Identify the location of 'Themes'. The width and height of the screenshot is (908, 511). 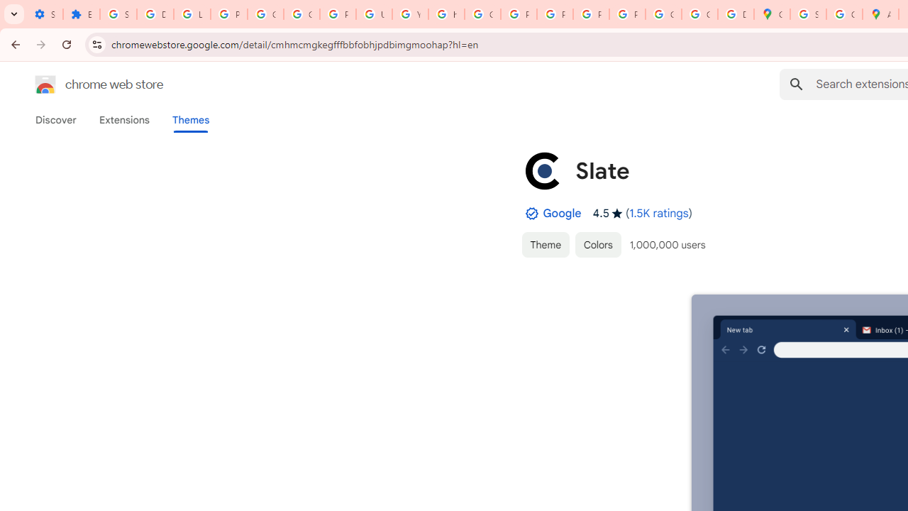
(190, 119).